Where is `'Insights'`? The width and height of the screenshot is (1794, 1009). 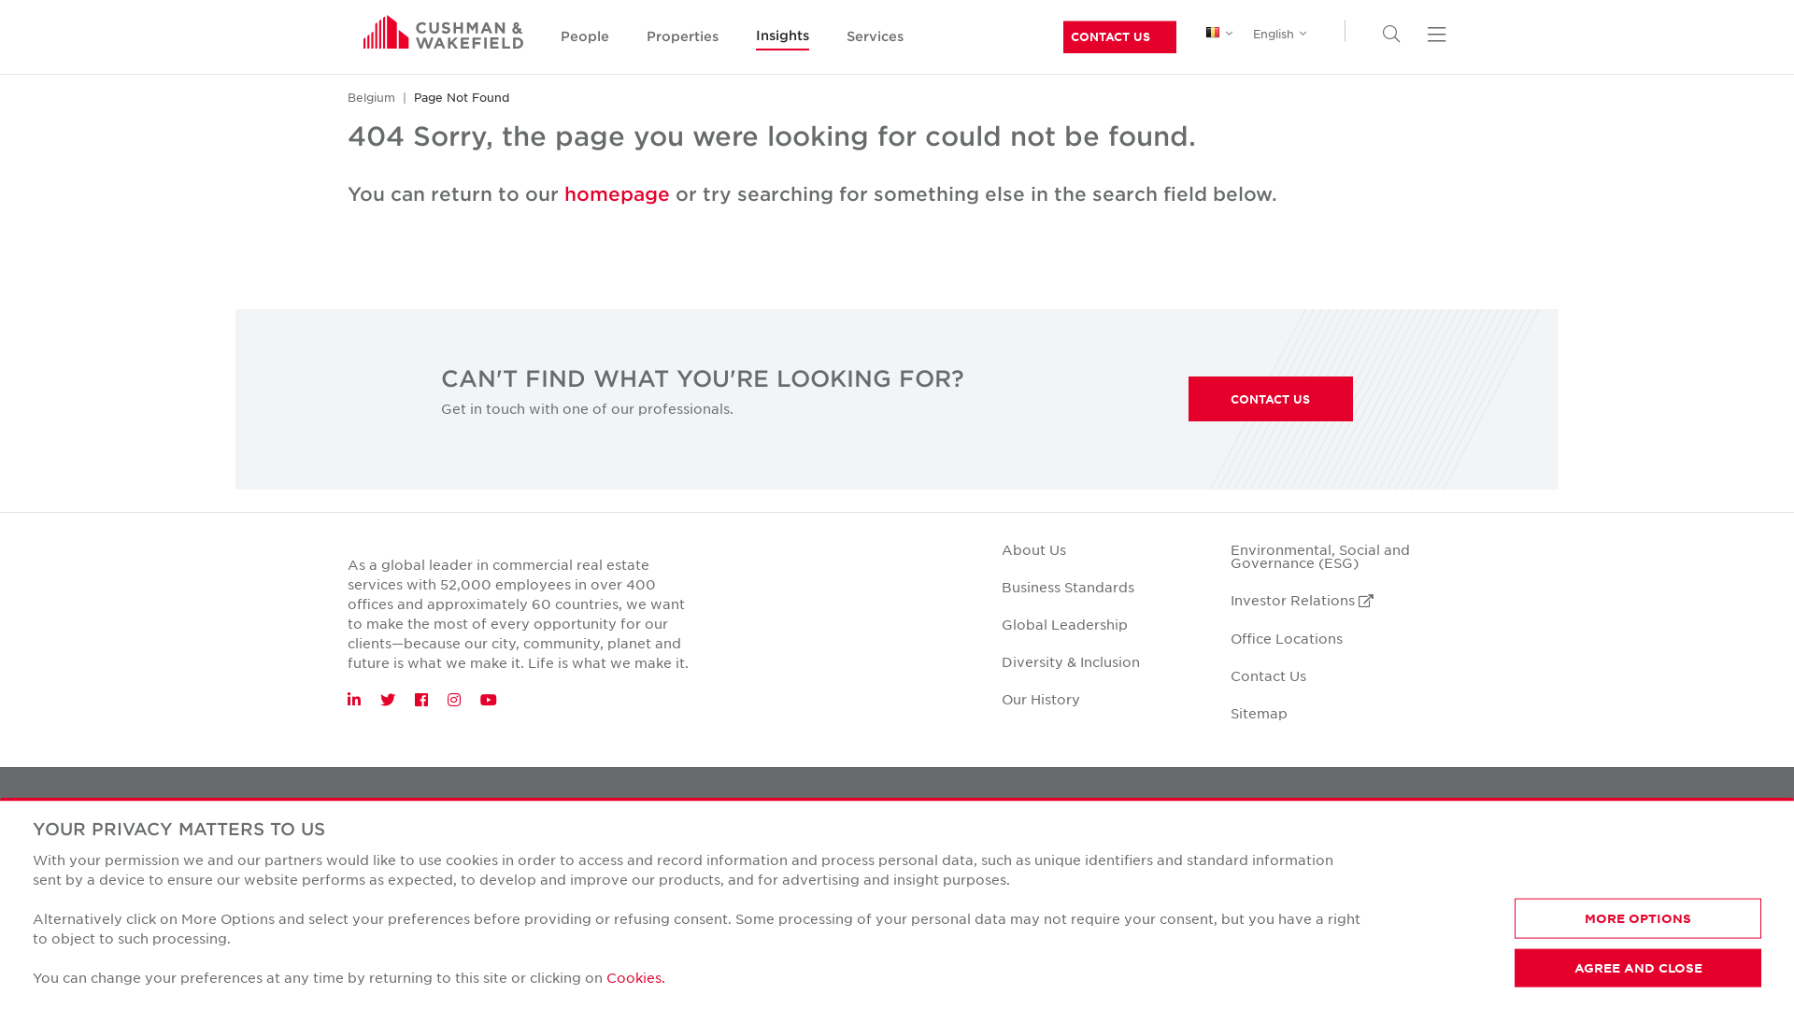
'Insights' is located at coordinates (756, 36).